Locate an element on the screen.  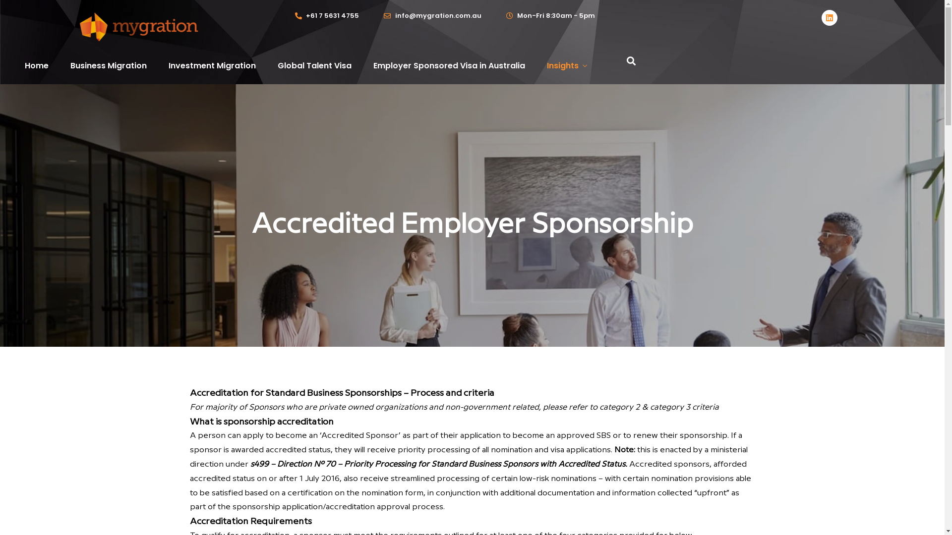
'Investment Migration' is located at coordinates (169, 66).